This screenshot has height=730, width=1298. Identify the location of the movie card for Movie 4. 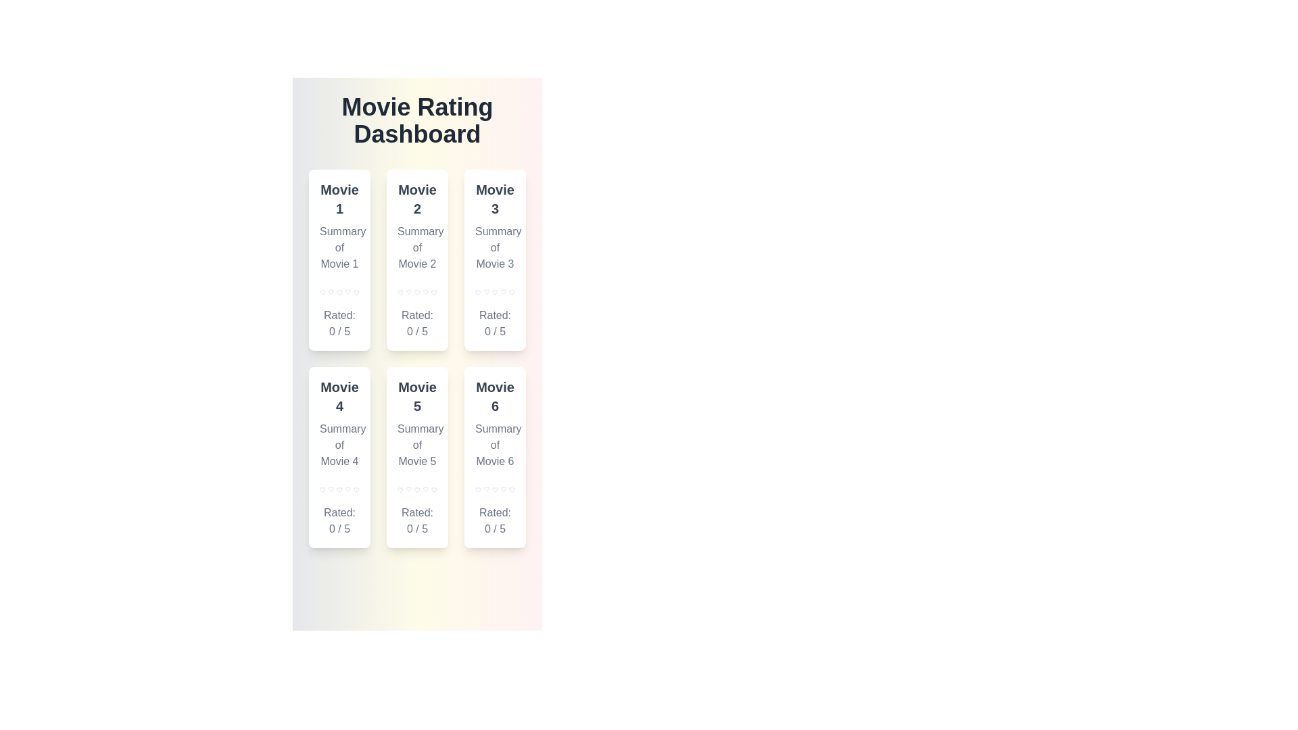
(339, 457).